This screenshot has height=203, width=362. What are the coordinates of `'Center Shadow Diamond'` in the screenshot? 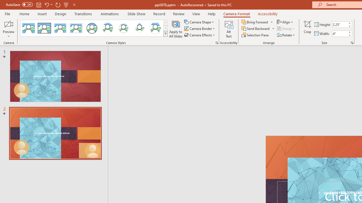 It's located at (139, 28).